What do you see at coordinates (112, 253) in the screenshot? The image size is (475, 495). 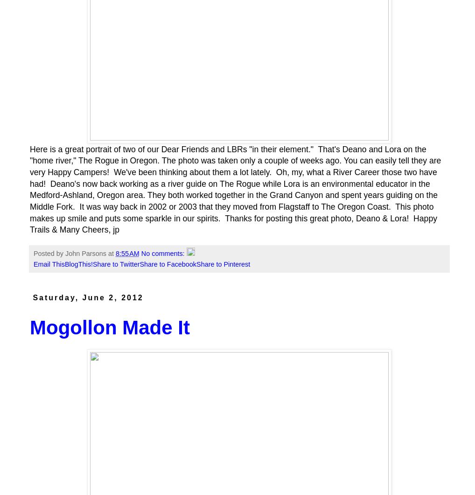 I see `'at'` at bounding box center [112, 253].